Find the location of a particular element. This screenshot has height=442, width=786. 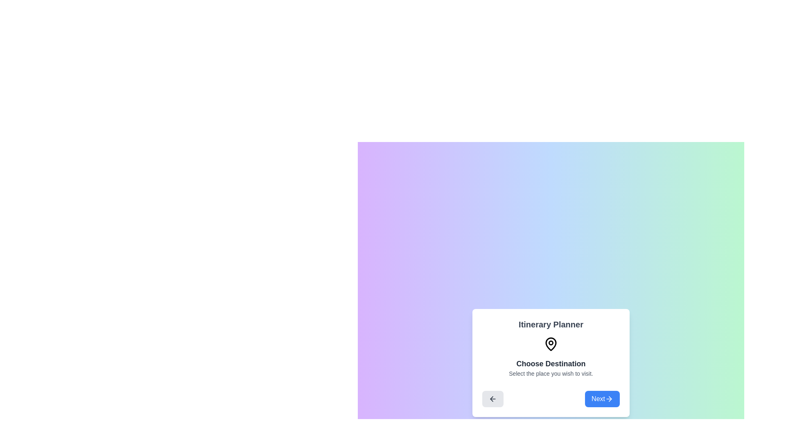

the map pin icon located in the 'Itinerary Planner' modal, which is positioned above the 'Choose Destination' text is located at coordinates (551, 344).